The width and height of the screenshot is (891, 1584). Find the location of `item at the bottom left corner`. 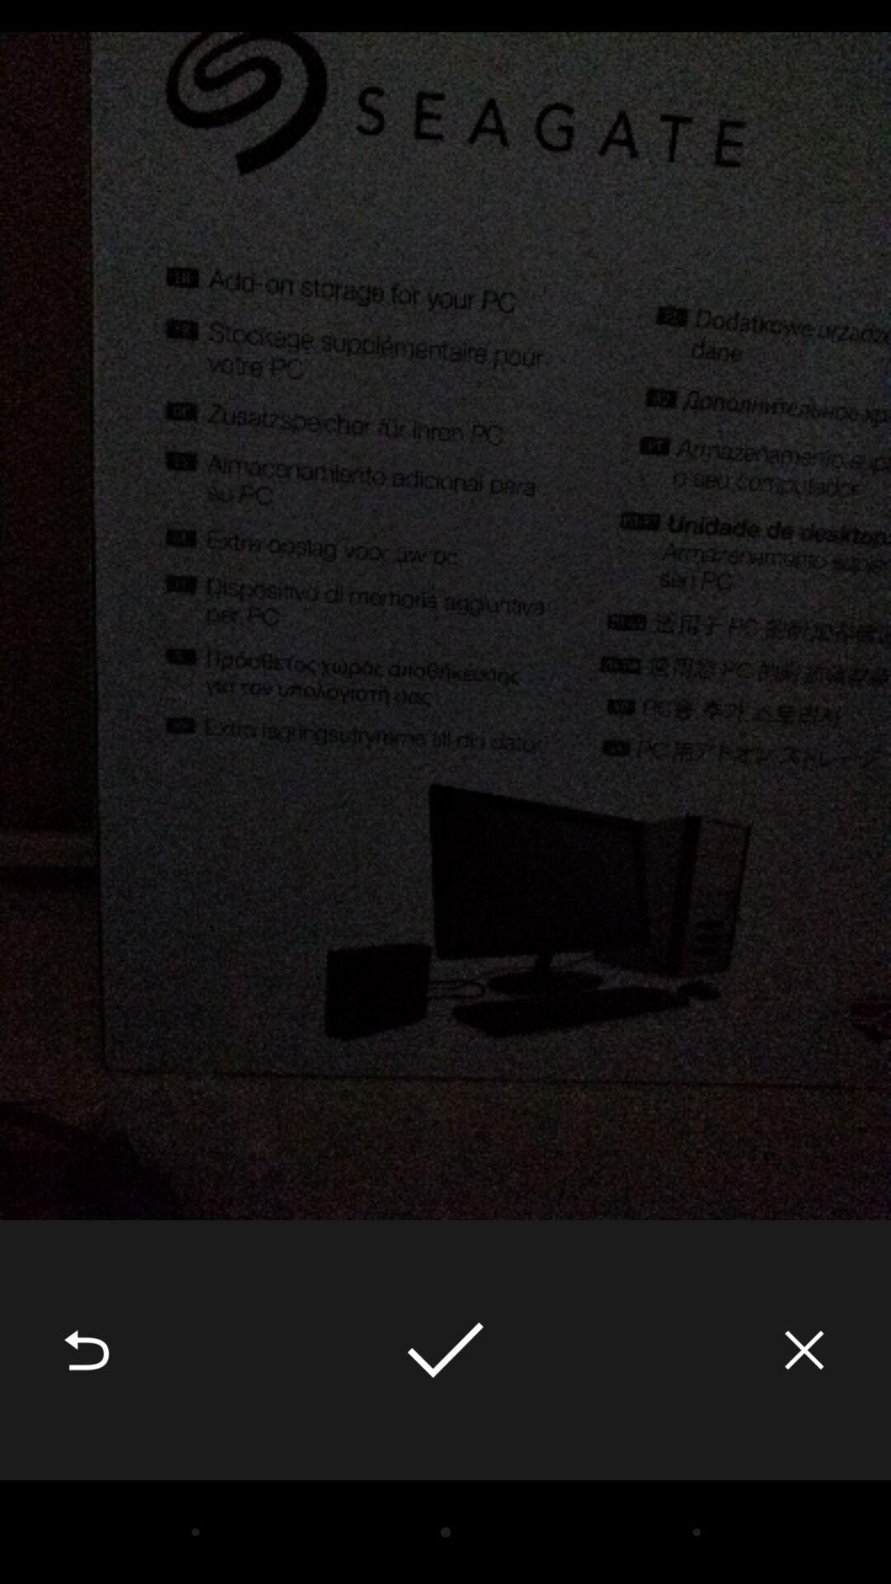

item at the bottom left corner is located at coordinates (86, 1350).